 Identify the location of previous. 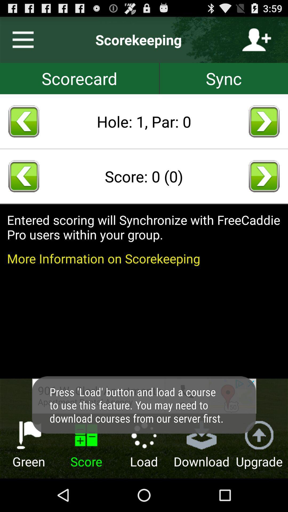
(23, 176).